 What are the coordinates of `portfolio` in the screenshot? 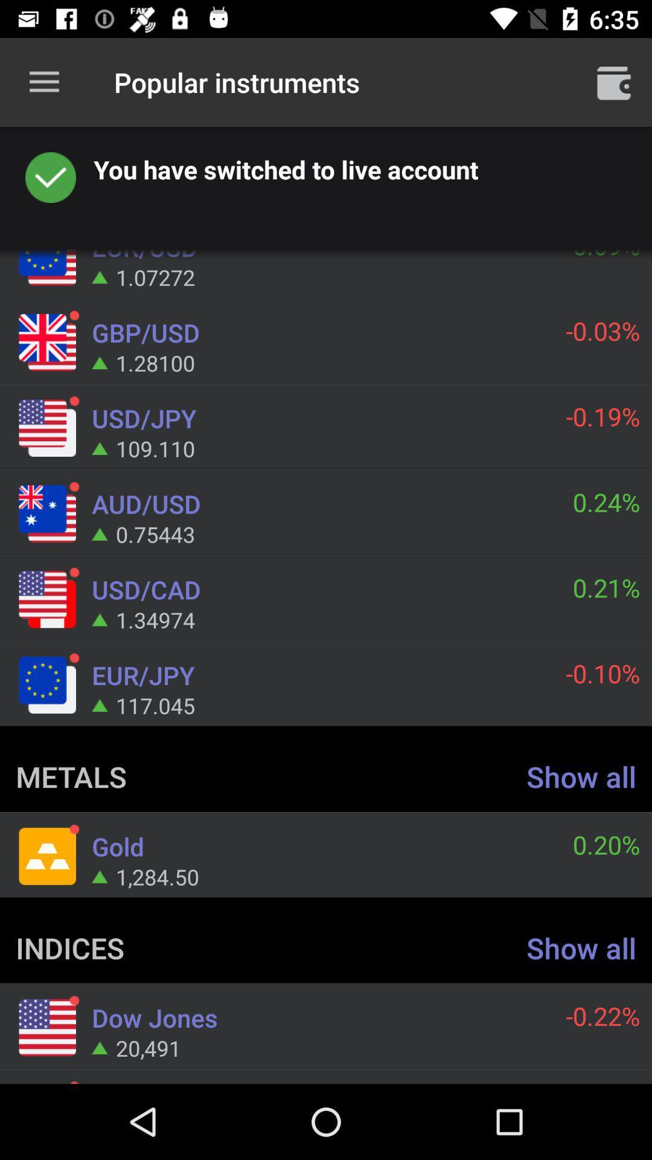 It's located at (614, 82).